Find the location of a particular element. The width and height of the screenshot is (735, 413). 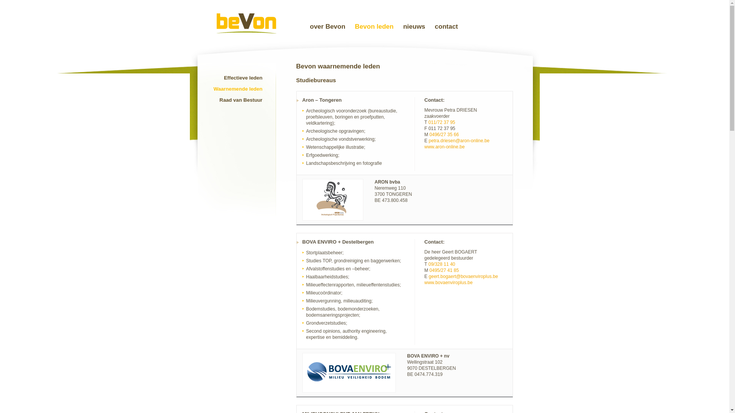

'Effectieve leden' is located at coordinates (242, 78).